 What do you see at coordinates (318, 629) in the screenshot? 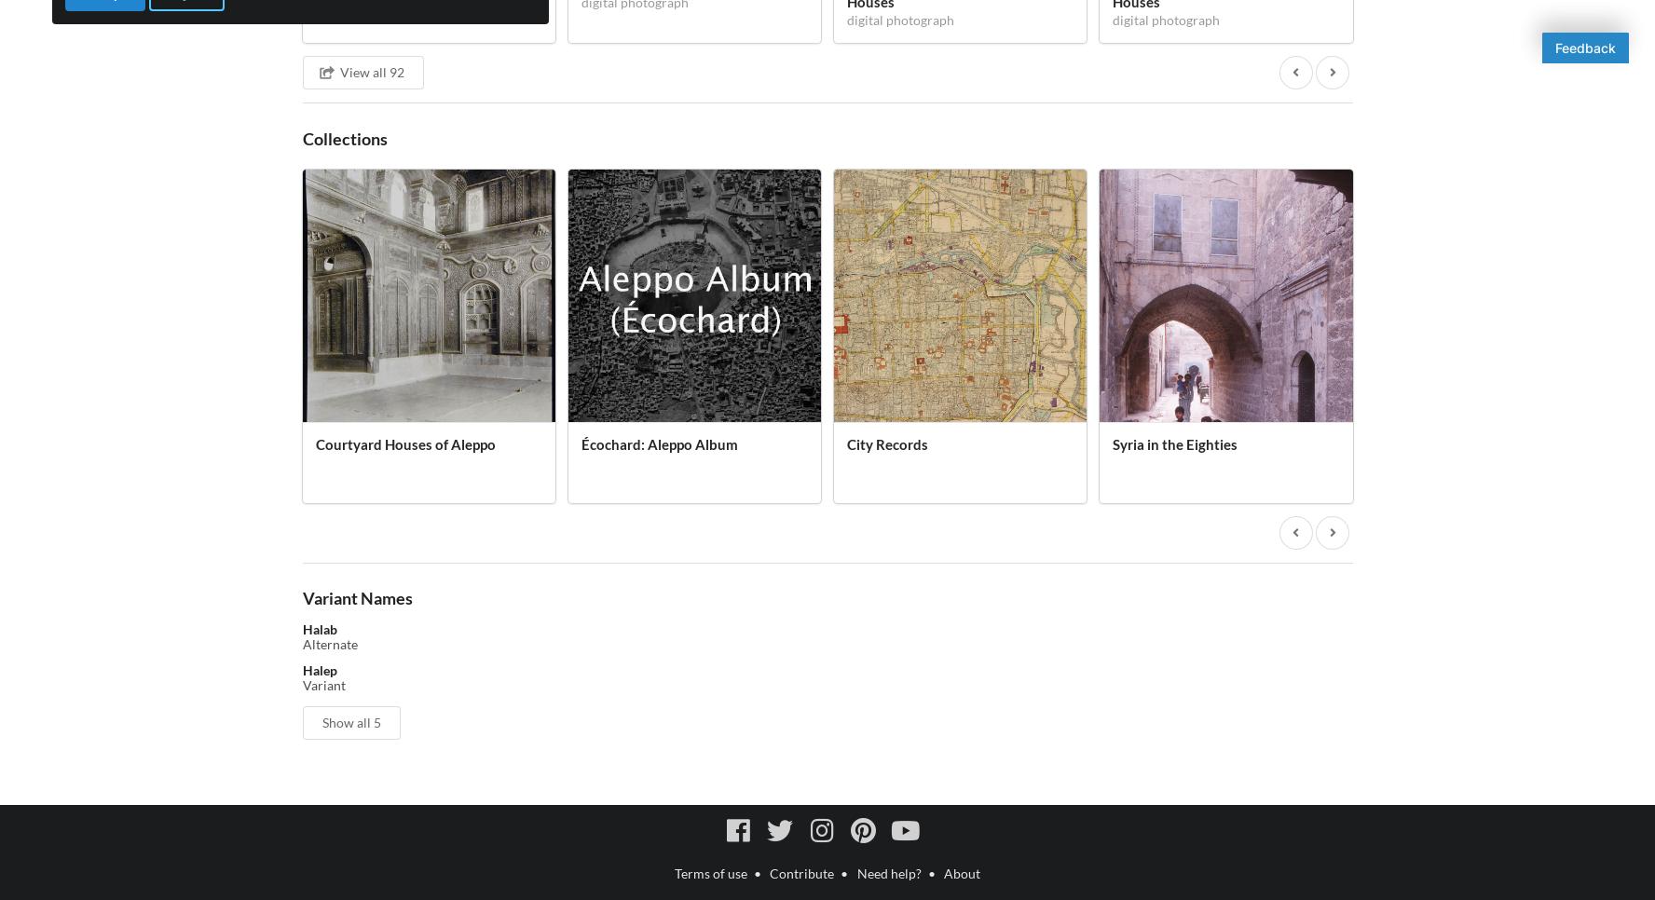
I see `'Halab'` at bounding box center [318, 629].